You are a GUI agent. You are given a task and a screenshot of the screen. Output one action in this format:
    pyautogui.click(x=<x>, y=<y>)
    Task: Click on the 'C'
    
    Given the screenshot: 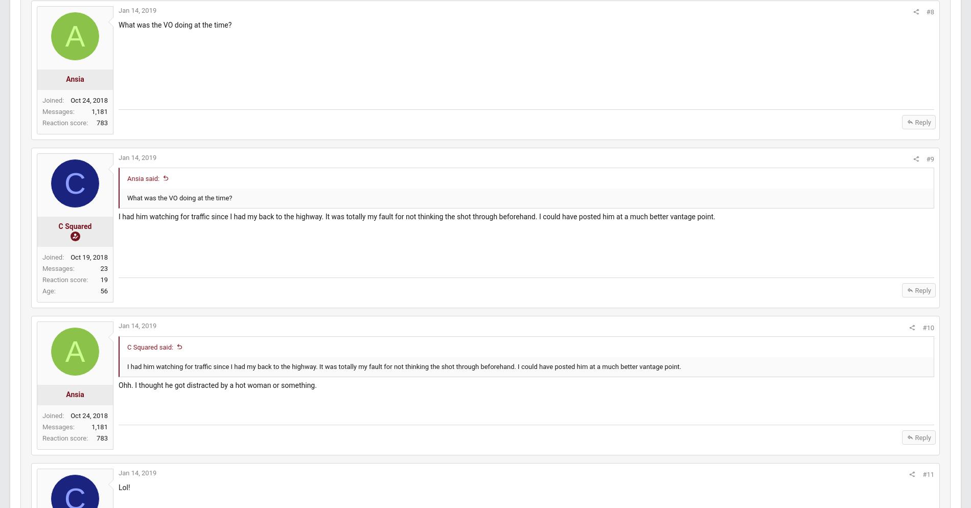 What is the action you would take?
    pyautogui.click(x=99, y=193)
    